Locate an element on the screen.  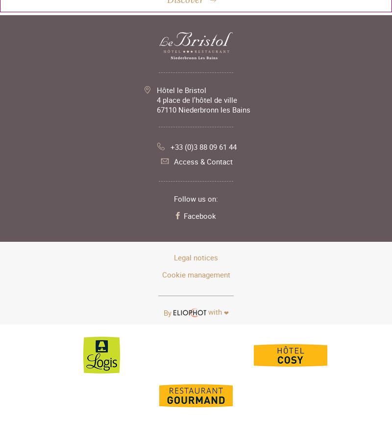
'Follow us on:' is located at coordinates (196, 197).